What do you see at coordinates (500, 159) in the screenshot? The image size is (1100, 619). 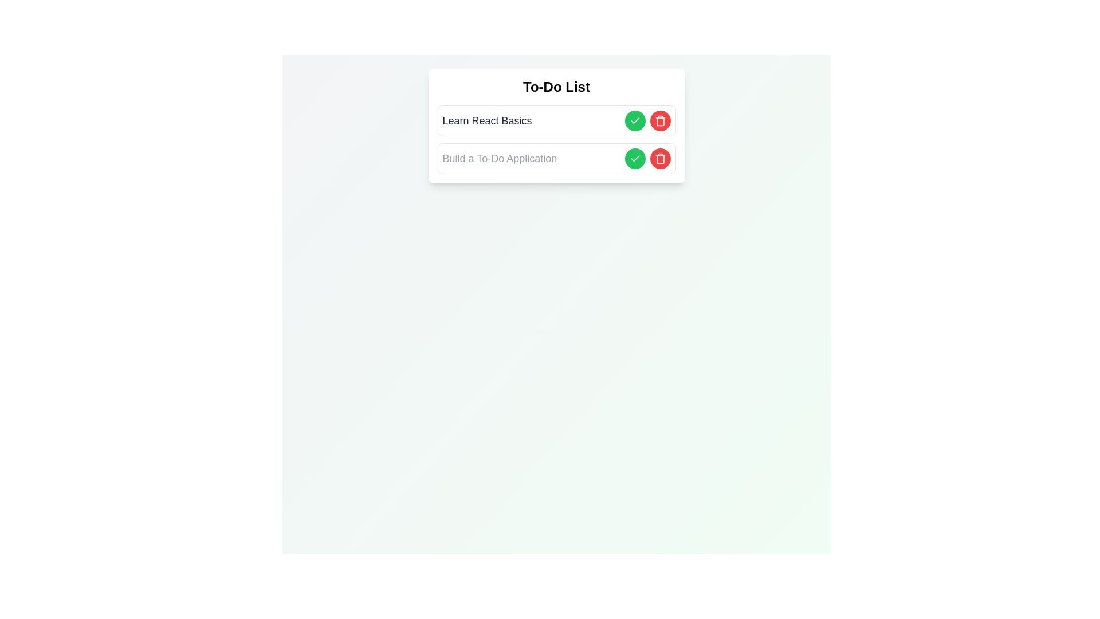 I see `the completed task text label in the To-Do List that has a strikethrough style, located below 'Learn React Basics'` at bounding box center [500, 159].